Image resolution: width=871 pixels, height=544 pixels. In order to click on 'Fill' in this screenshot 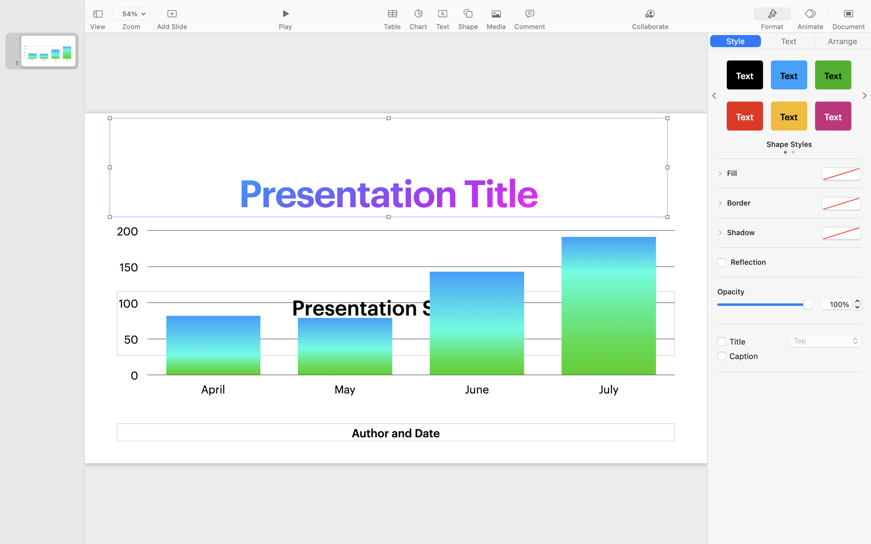, I will do `click(732, 173)`.